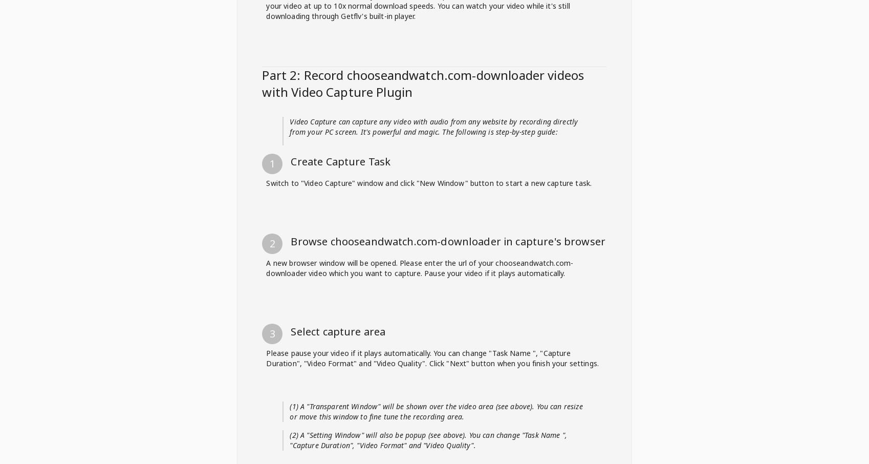 The image size is (869, 464). What do you see at coordinates (433, 420) in the screenshot?
I see `'Video Capture can capture any video with audio from any website by recording directly from your PC screen. It's powerful and magic. The following is step-by-step guide:'` at bounding box center [433, 420].